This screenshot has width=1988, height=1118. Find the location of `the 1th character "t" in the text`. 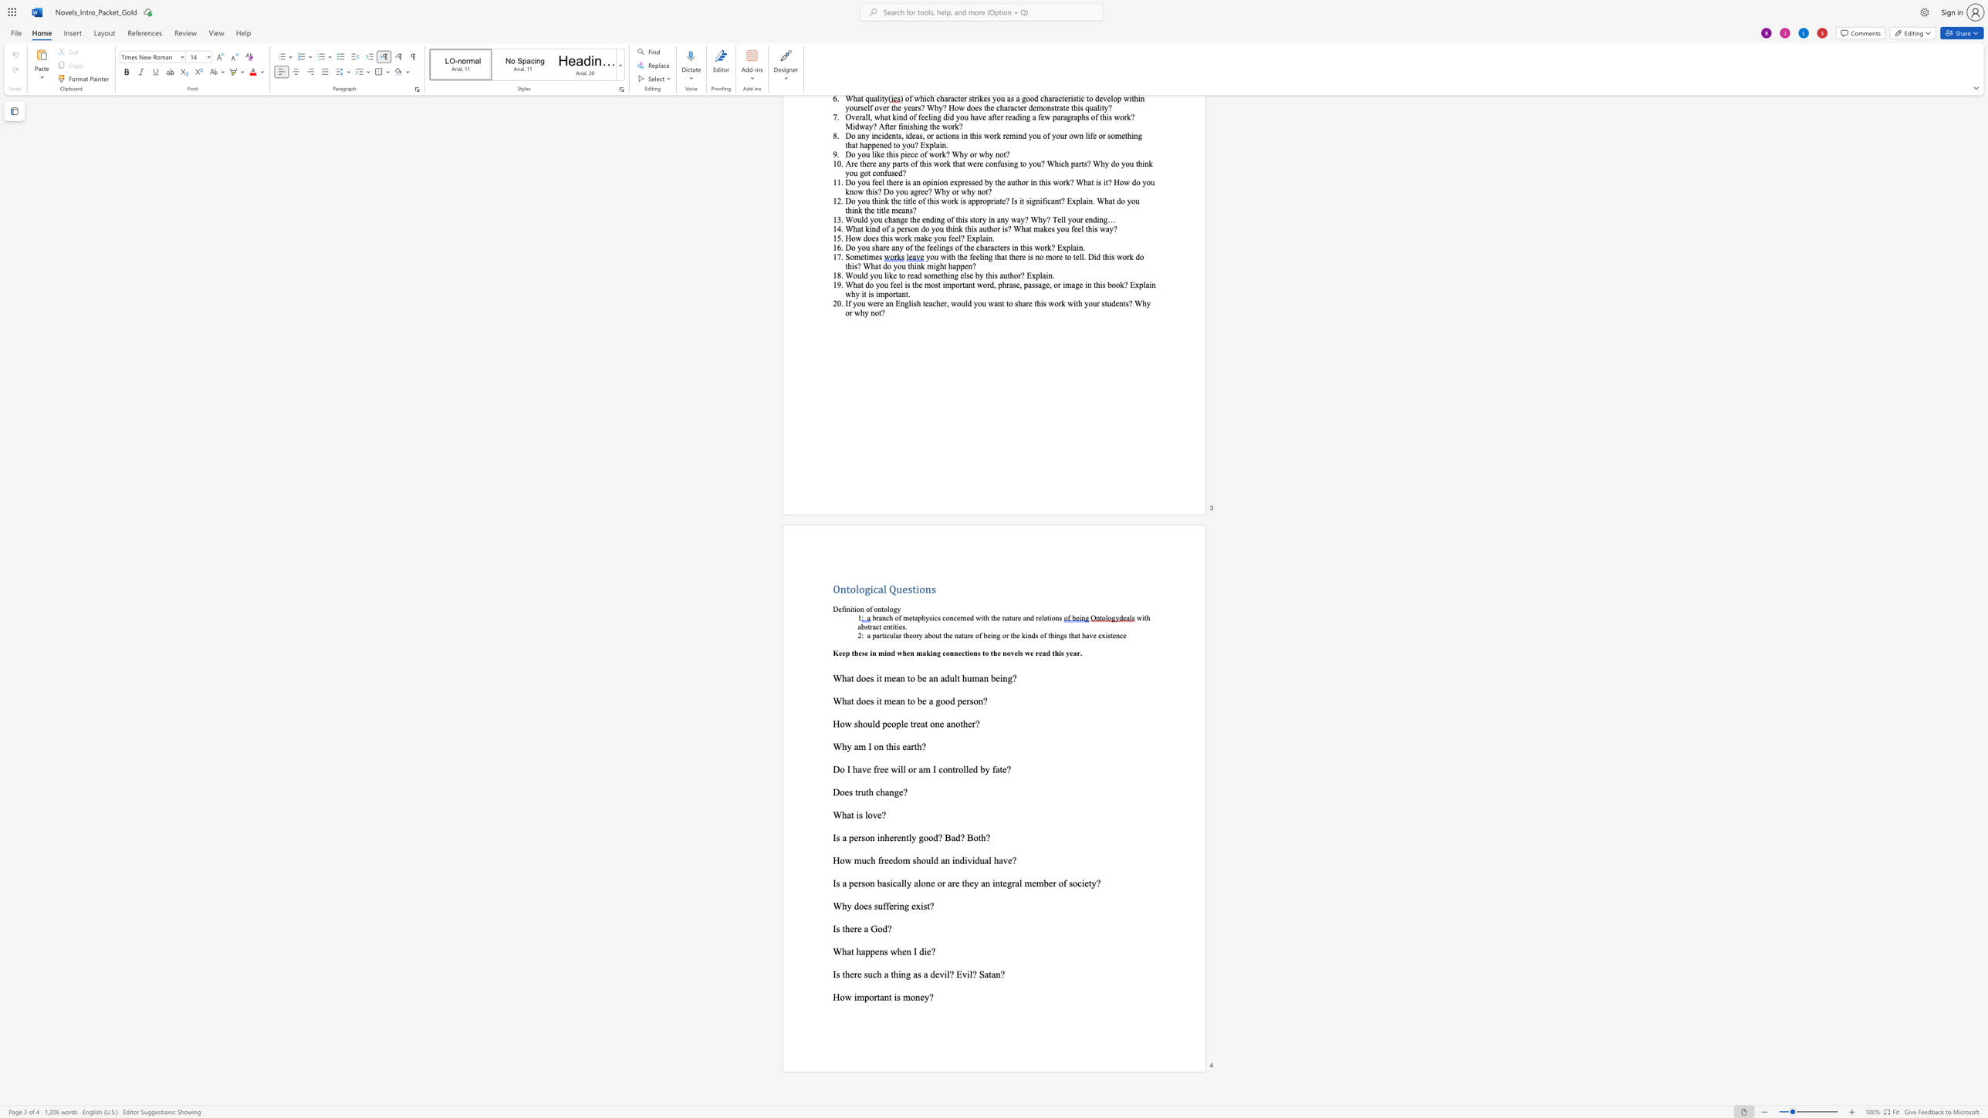

the 1th character "t" in the text is located at coordinates (857, 792).